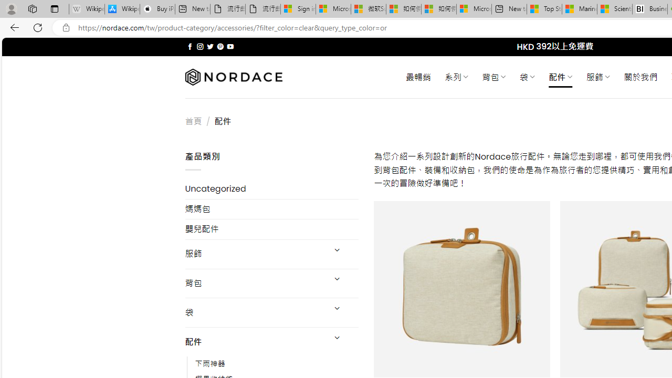 Image resolution: width=672 pixels, height=378 pixels. What do you see at coordinates (190, 46) in the screenshot?
I see `'Follow on Facebook'` at bounding box center [190, 46].